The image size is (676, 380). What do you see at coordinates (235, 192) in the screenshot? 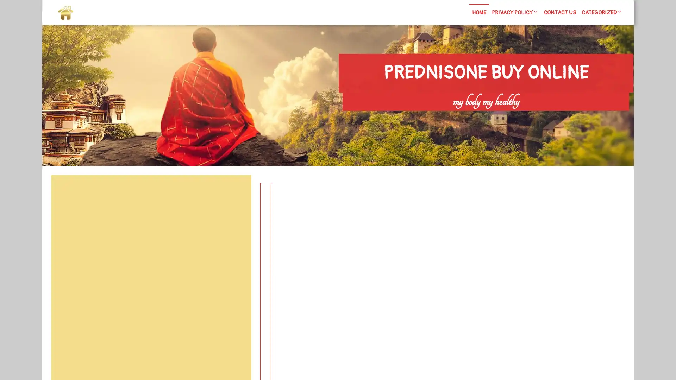
I see `Search` at bounding box center [235, 192].